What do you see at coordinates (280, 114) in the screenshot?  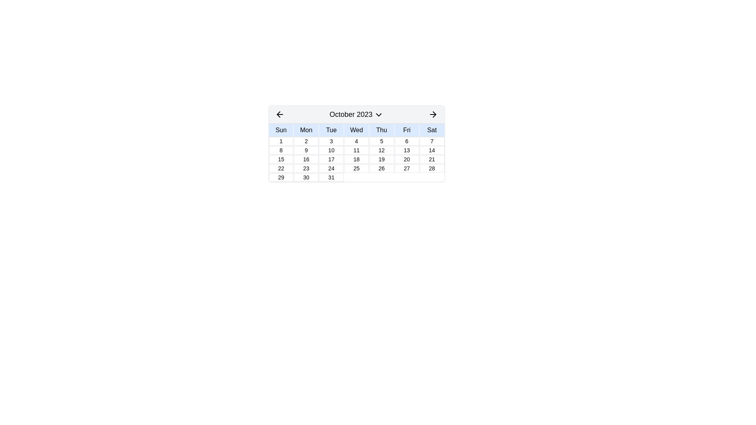 I see `the navigational control icon located at the top-left corner of the calendar header, which allows the user to move back to the previous month` at bounding box center [280, 114].